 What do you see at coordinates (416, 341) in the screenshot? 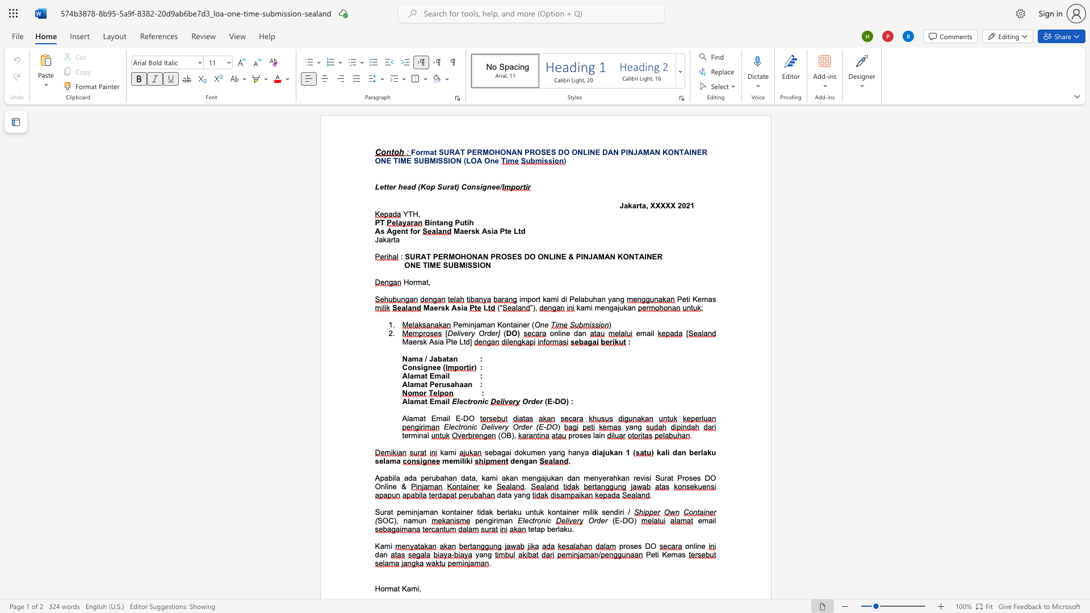
I see `the subset text "rsk Asia Pte" within the text "Maersk Asia Pte Ltd]"` at bounding box center [416, 341].